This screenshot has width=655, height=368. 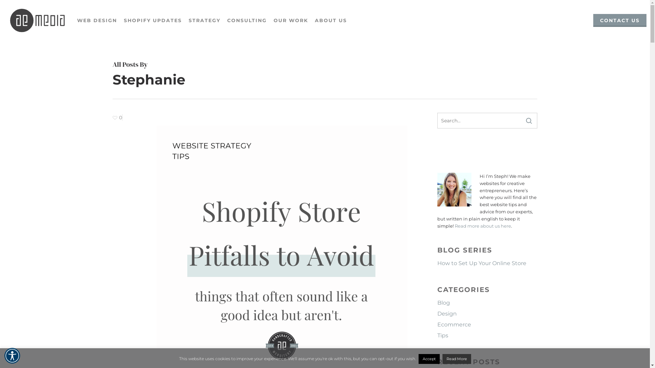 What do you see at coordinates (482, 226) in the screenshot?
I see `'Read more about us here'` at bounding box center [482, 226].